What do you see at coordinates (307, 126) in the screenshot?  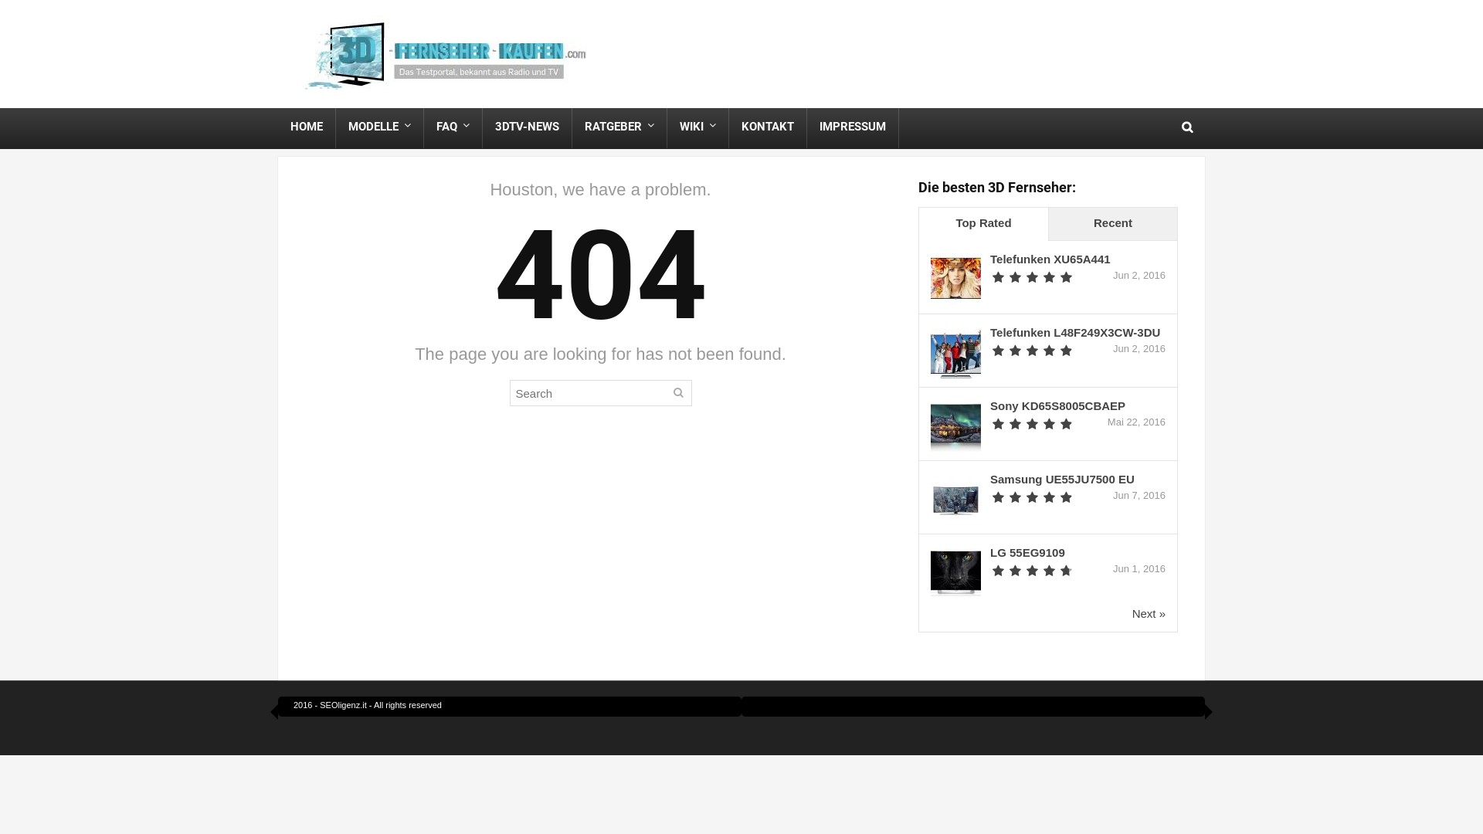 I see `'HOME'` at bounding box center [307, 126].